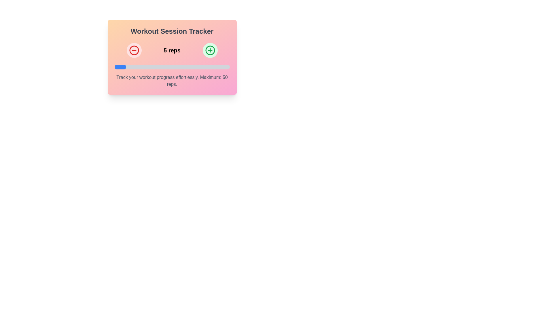 This screenshot has width=553, height=311. I want to click on the increment button located on the right side of the section displaying the current repetition count, so click(210, 50).